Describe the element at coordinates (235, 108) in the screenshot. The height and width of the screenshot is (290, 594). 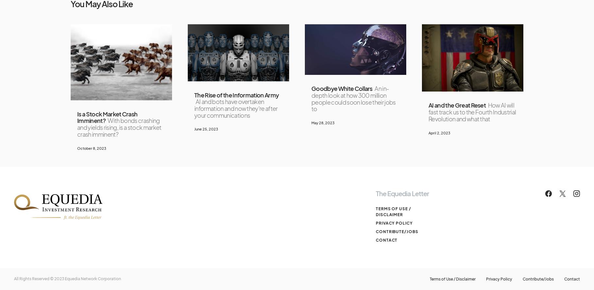
I see `'AI and bots have overtaken information and now they're after your communications'` at that location.